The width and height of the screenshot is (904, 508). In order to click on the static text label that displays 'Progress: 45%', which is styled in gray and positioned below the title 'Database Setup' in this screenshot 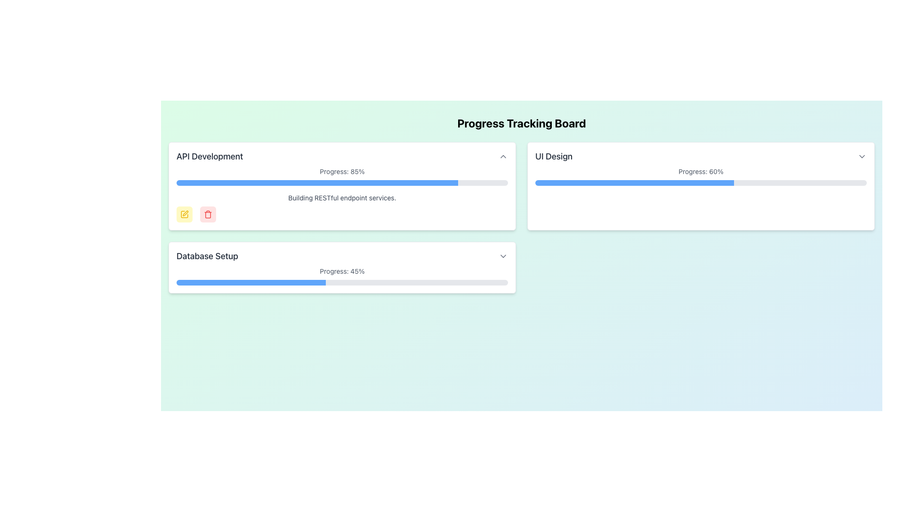, I will do `click(341, 271)`.